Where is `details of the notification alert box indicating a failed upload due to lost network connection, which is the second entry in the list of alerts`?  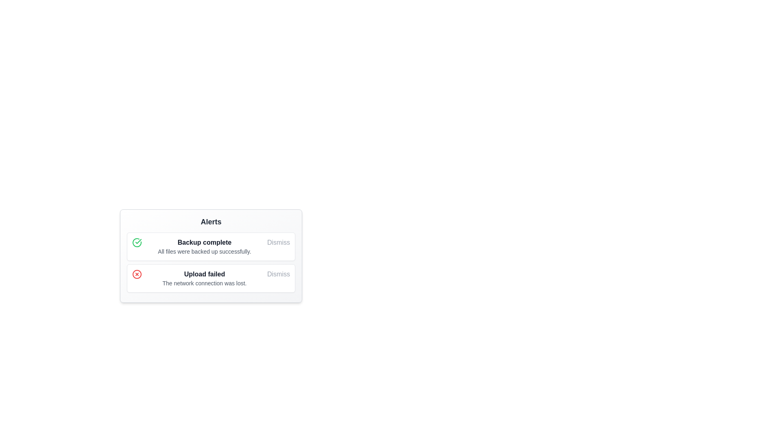 details of the notification alert box indicating a failed upload due to lost network connection, which is the second entry in the list of alerts is located at coordinates (207, 269).